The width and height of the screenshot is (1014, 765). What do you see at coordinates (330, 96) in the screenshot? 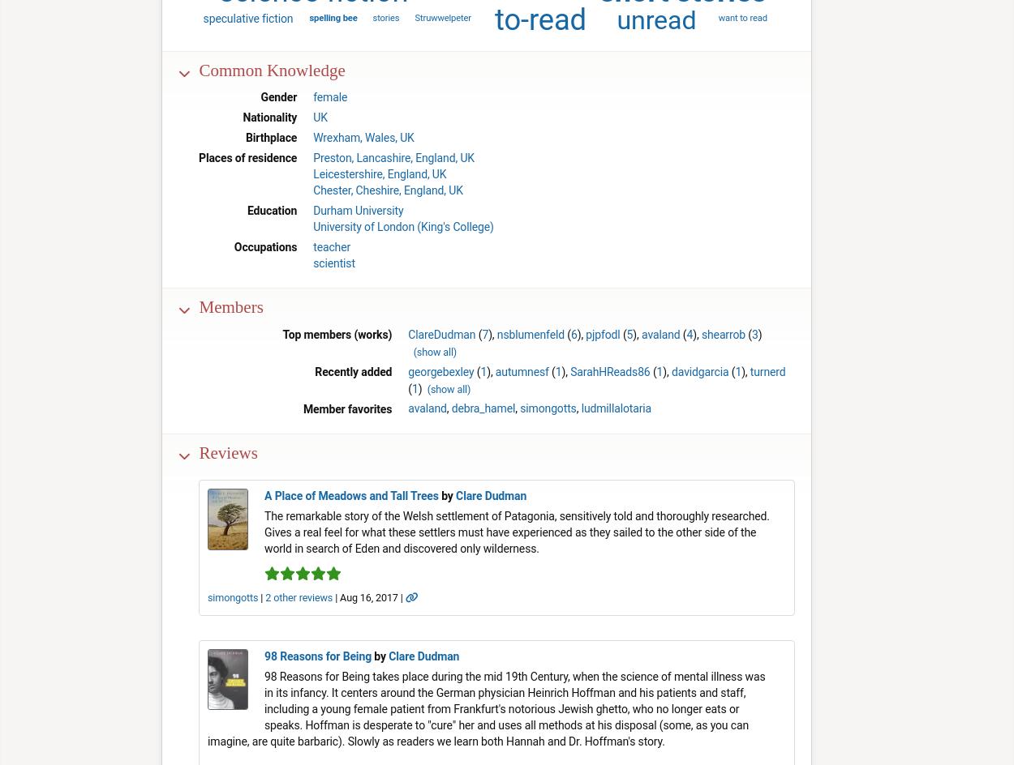
I see `'female'` at bounding box center [330, 96].